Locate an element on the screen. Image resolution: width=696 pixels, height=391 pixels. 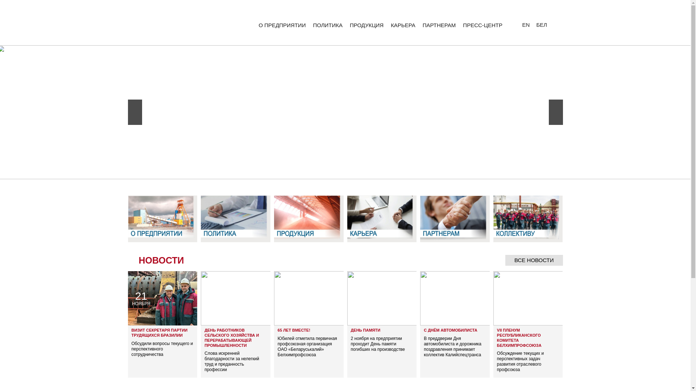
'EN' is located at coordinates (521, 24).